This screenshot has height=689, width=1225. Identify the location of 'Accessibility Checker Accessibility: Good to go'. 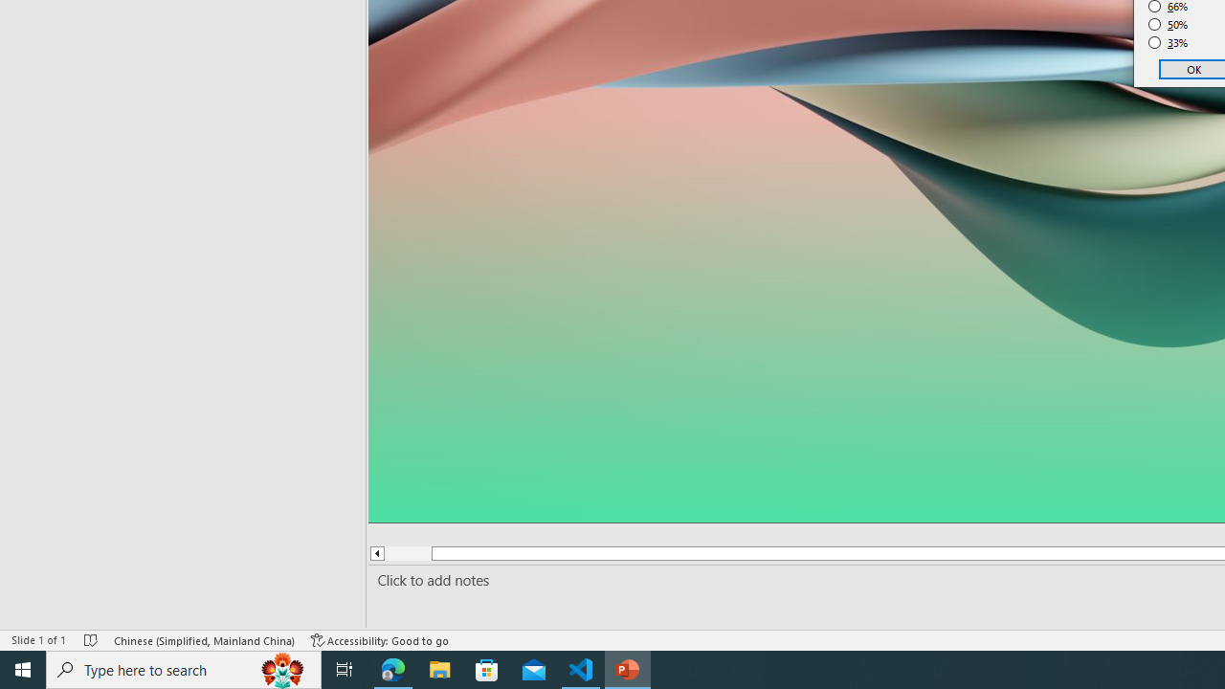
(380, 640).